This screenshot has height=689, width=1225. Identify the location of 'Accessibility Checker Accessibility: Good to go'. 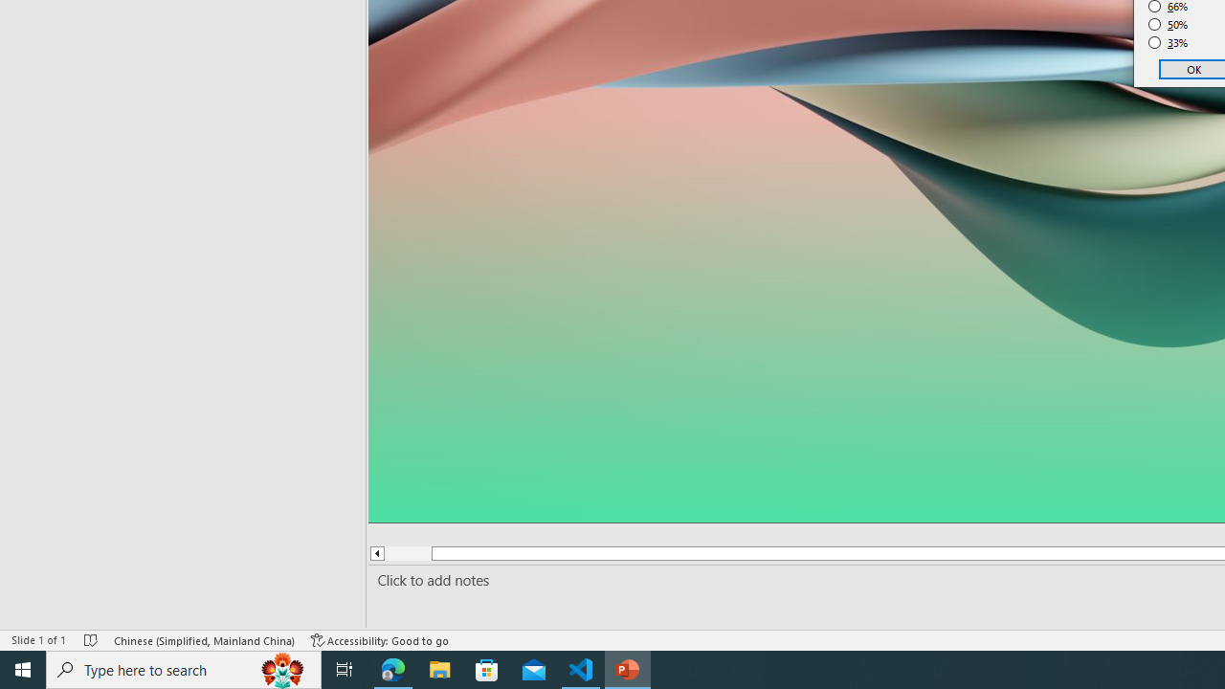
(380, 640).